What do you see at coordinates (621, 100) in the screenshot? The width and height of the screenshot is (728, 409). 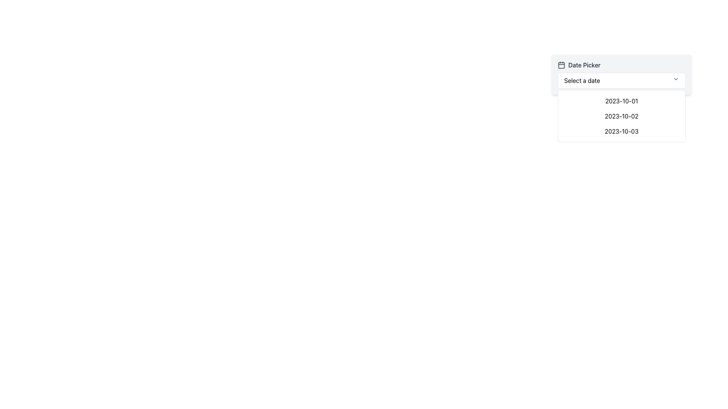 I see `the first date option '2023-10-01' in the date picker dropdown` at bounding box center [621, 100].